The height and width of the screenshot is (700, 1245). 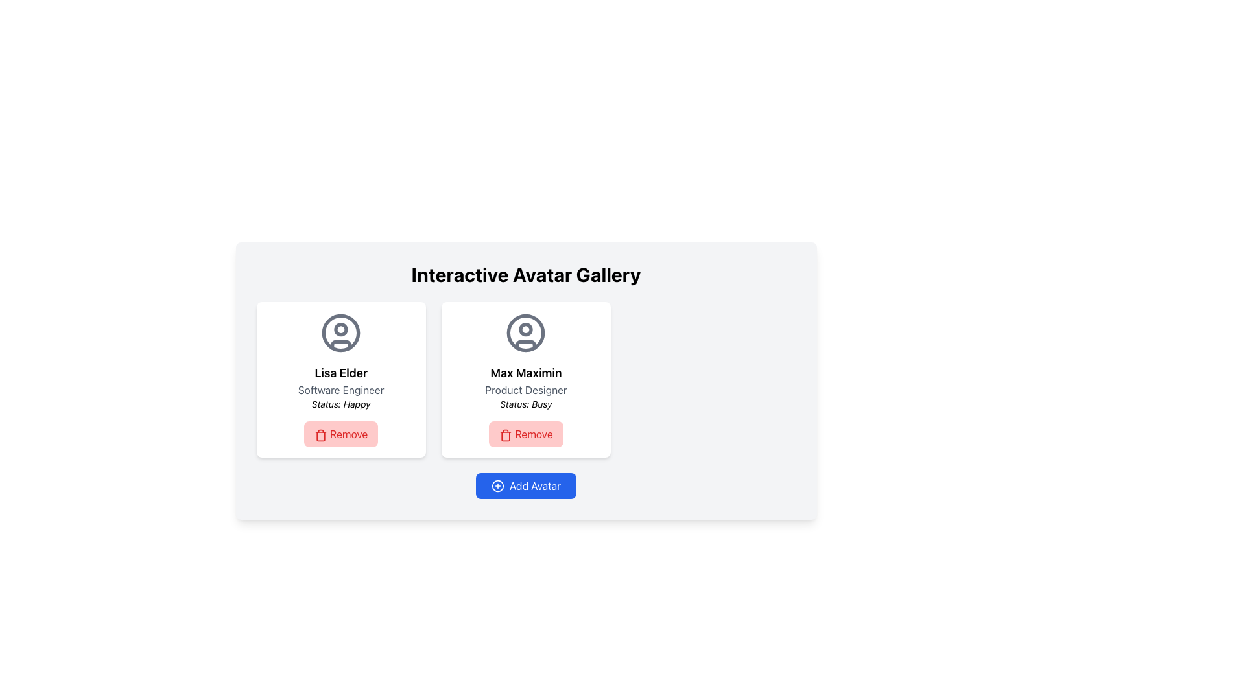 What do you see at coordinates (341, 389) in the screenshot?
I see `the text label displaying the job title 'Software Engineer' for the individual named 'Lisa Elder'` at bounding box center [341, 389].